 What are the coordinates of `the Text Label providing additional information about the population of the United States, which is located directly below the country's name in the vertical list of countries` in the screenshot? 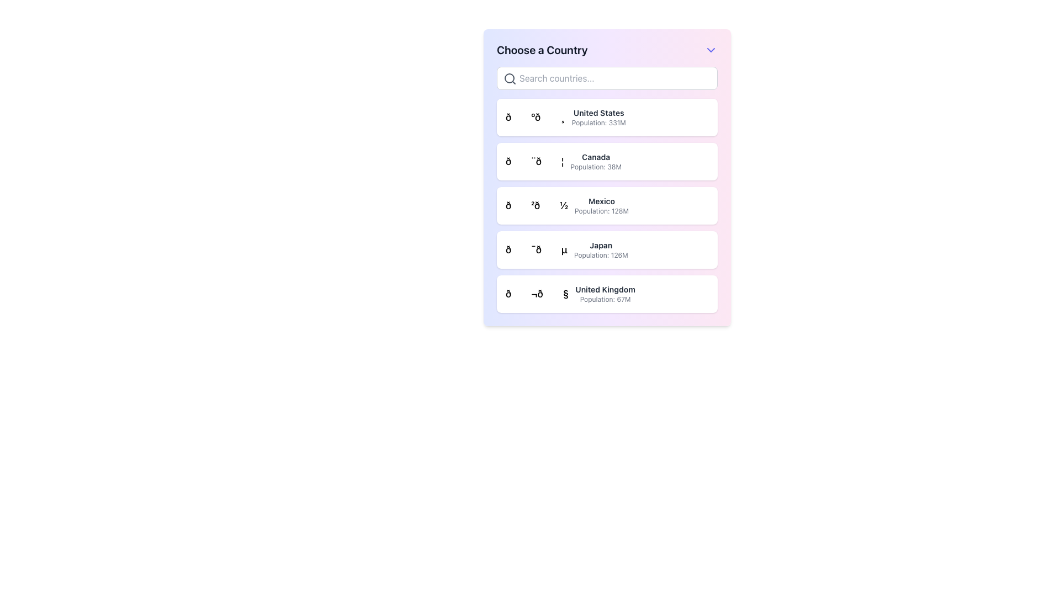 It's located at (598, 123).